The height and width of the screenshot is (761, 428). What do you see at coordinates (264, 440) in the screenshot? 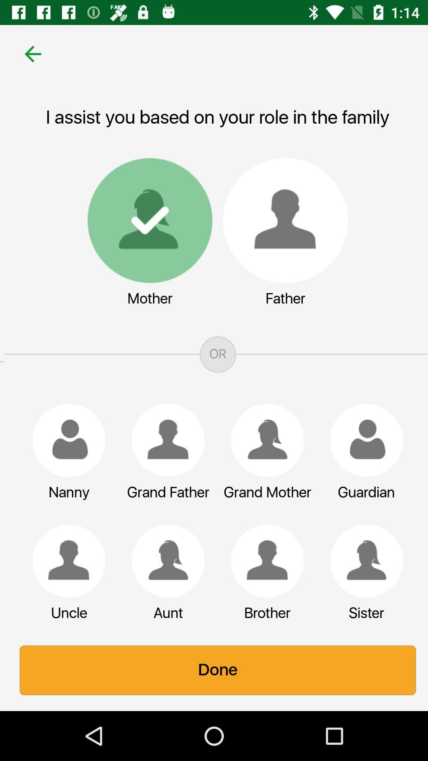
I see `choose indicated item` at bounding box center [264, 440].